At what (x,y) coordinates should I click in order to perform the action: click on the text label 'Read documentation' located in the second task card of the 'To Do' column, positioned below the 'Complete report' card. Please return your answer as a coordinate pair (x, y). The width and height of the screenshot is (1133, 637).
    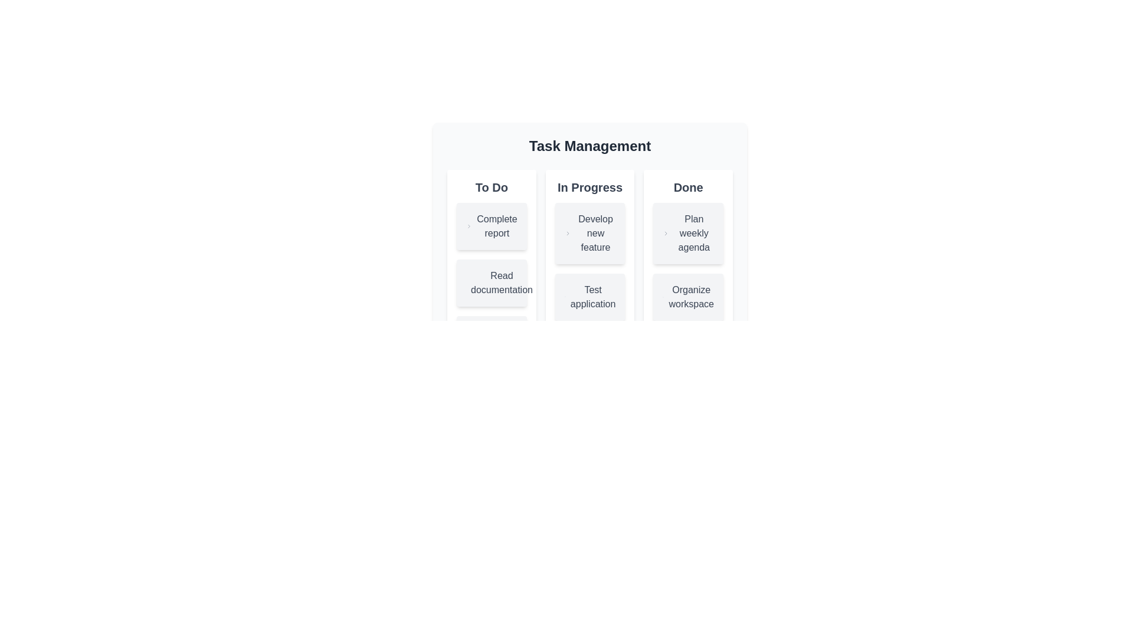
    Looking at the image, I should click on (502, 283).